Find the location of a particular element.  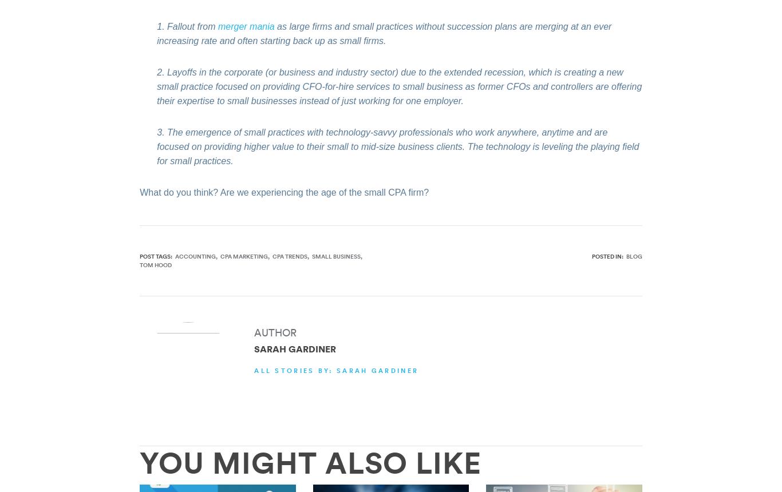

'AUTHOR' is located at coordinates (275, 332).